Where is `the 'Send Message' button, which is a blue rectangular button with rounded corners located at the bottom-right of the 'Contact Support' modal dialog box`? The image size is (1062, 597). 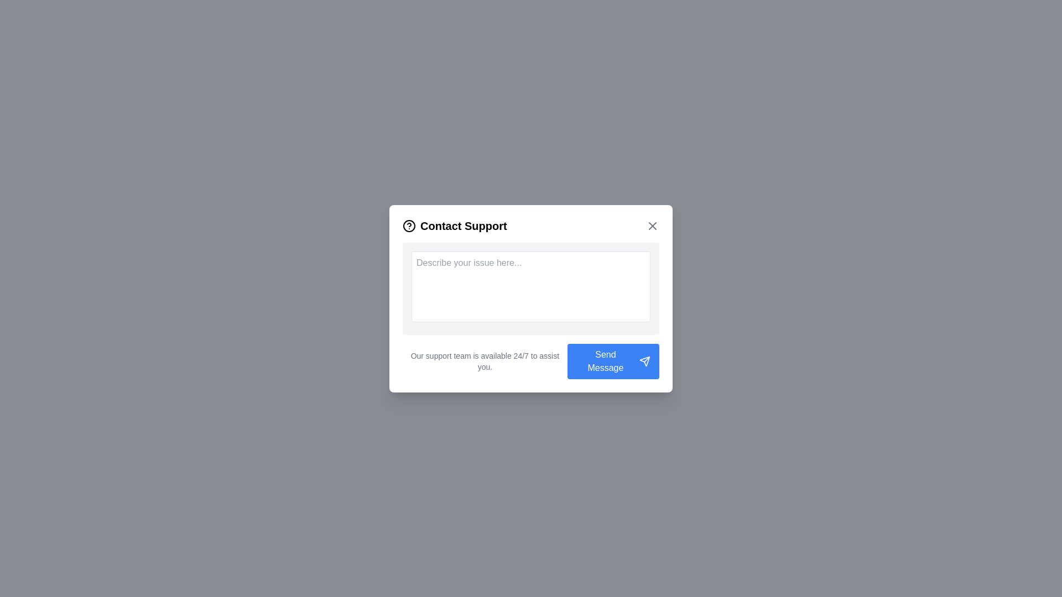 the 'Send Message' button, which is a blue rectangular button with rounded corners located at the bottom-right of the 'Contact Support' modal dialog box is located at coordinates (612, 361).